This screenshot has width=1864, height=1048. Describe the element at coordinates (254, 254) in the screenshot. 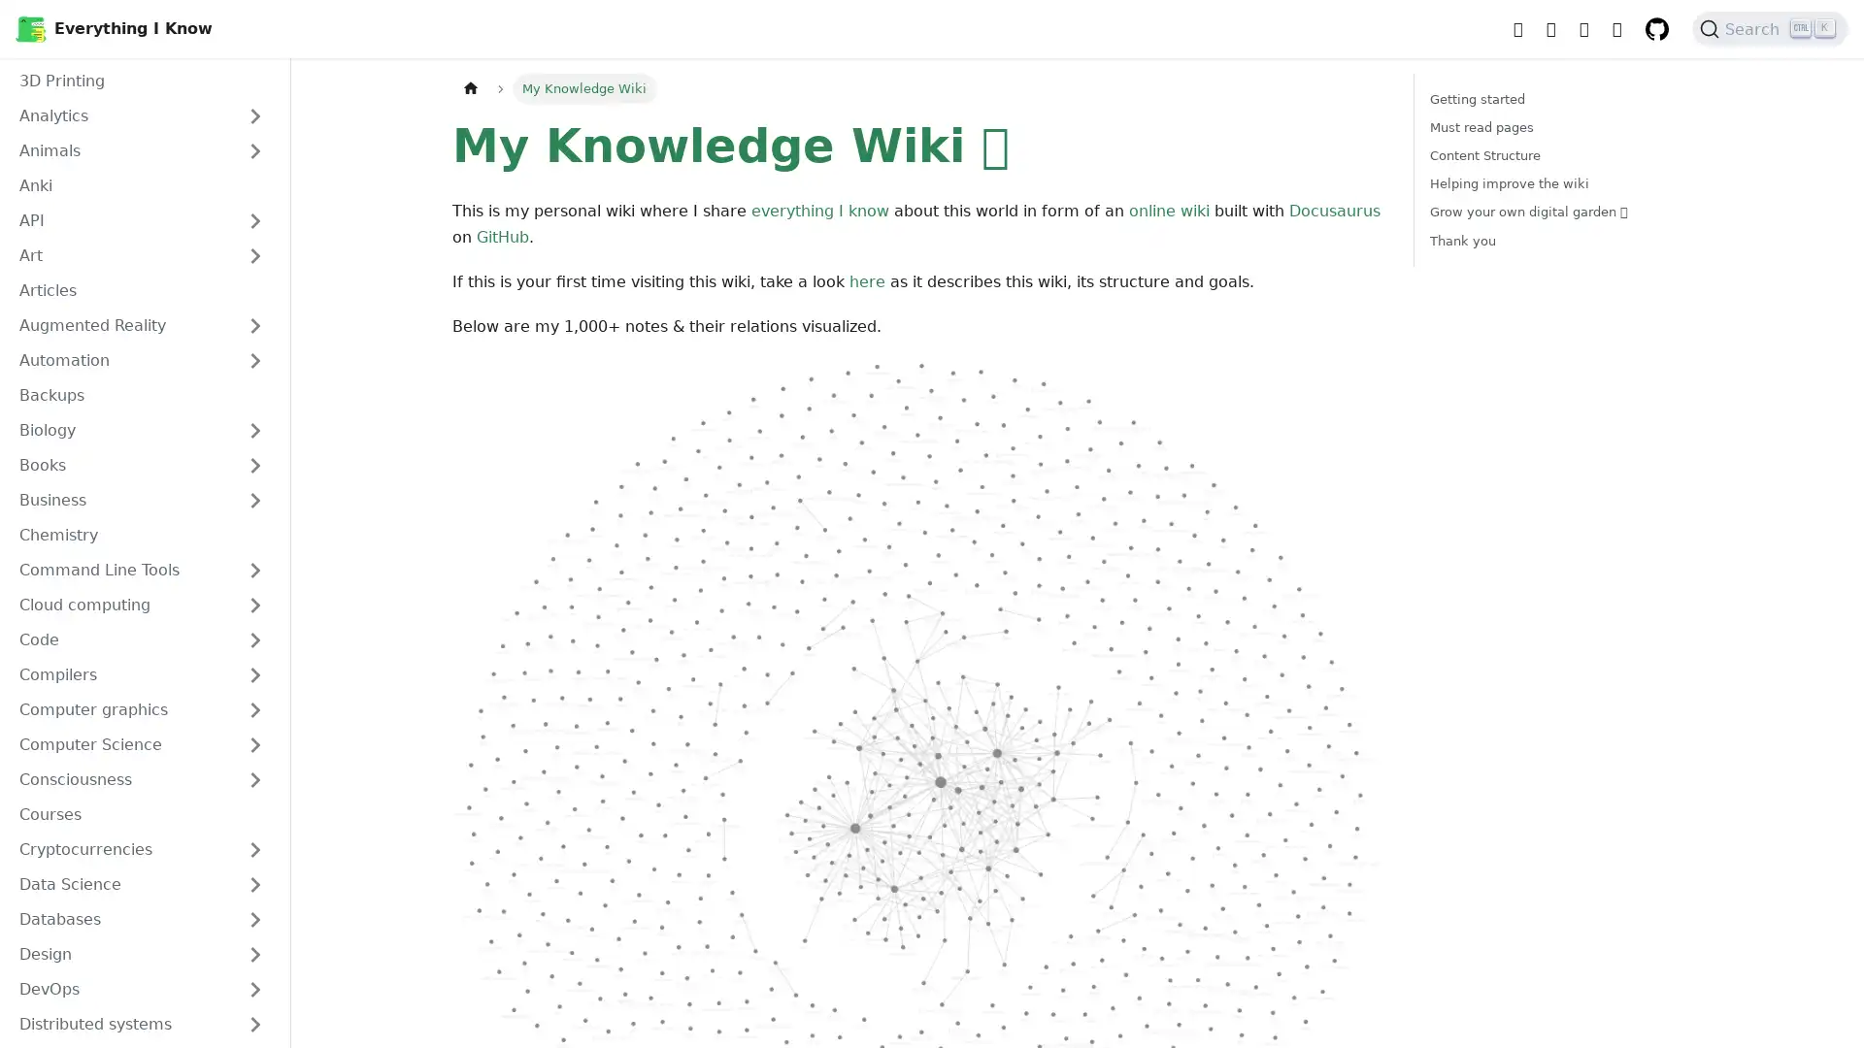

I see `Toggle the collapsible sidebar category 'Art'` at that location.